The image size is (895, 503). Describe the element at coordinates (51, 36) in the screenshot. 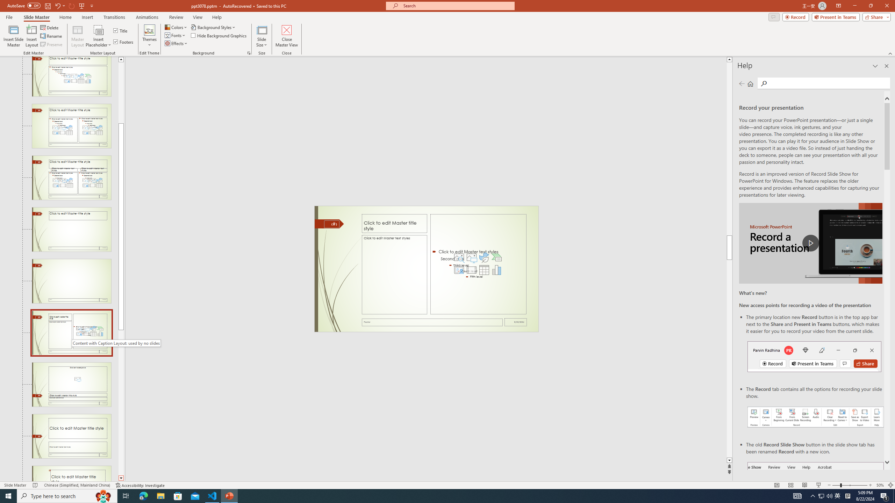

I see `'Rename'` at that location.